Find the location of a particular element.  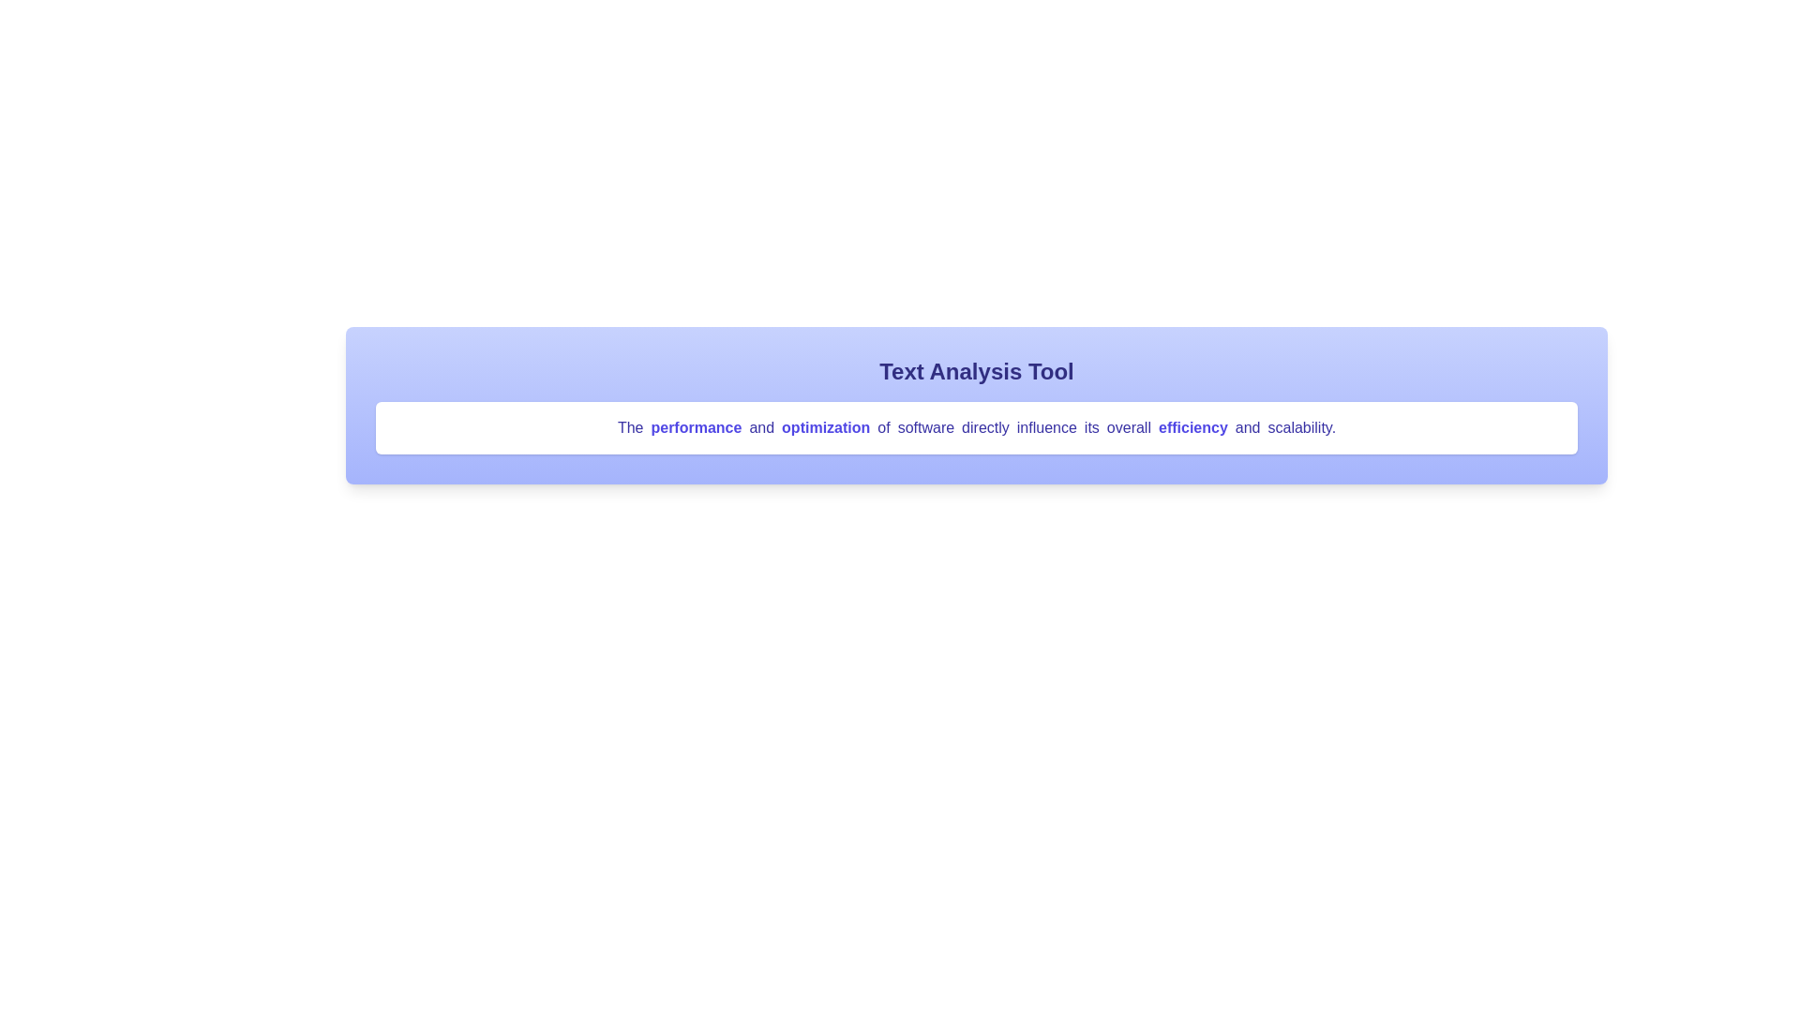

the emphasized text element, which is the second word in the sentence, positioned between 'The' and 'and' in the upper-center part of the interface is located at coordinates (695, 427).